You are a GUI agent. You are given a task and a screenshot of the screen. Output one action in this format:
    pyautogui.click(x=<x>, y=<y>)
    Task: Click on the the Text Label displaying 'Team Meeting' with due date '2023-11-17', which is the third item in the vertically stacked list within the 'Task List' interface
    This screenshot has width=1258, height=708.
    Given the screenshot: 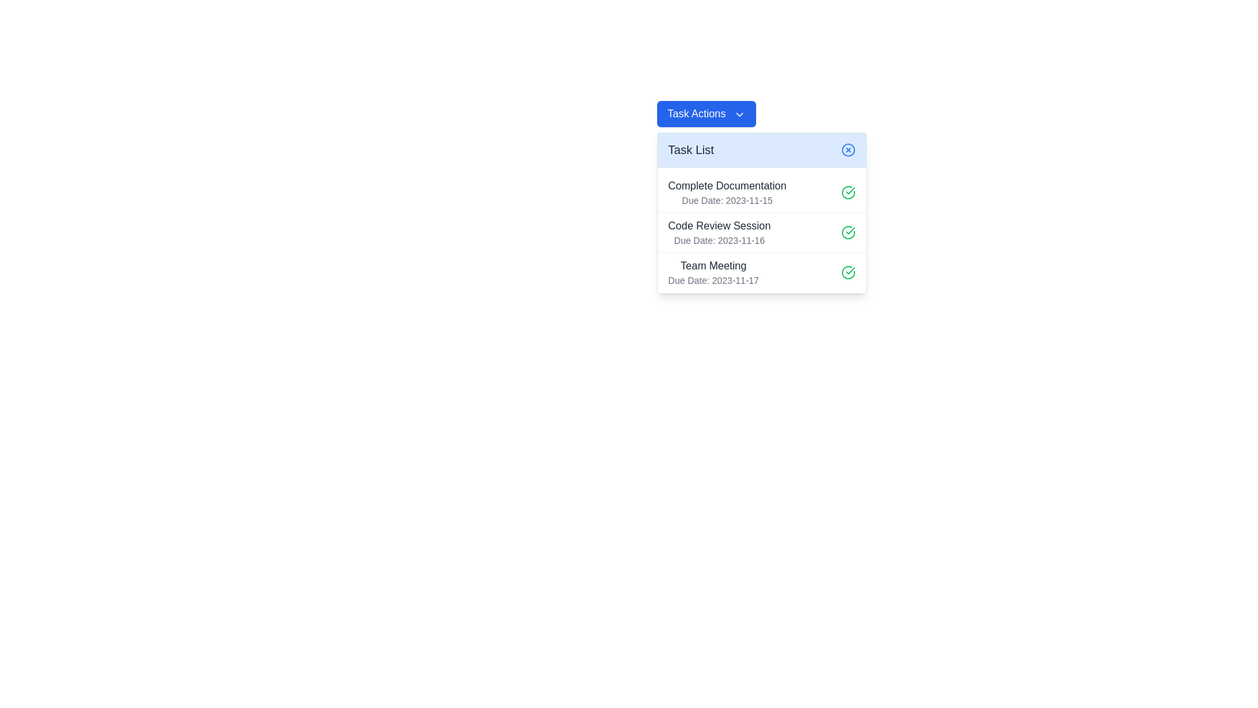 What is the action you would take?
    pyautogui.click(x=713, y=272)
    